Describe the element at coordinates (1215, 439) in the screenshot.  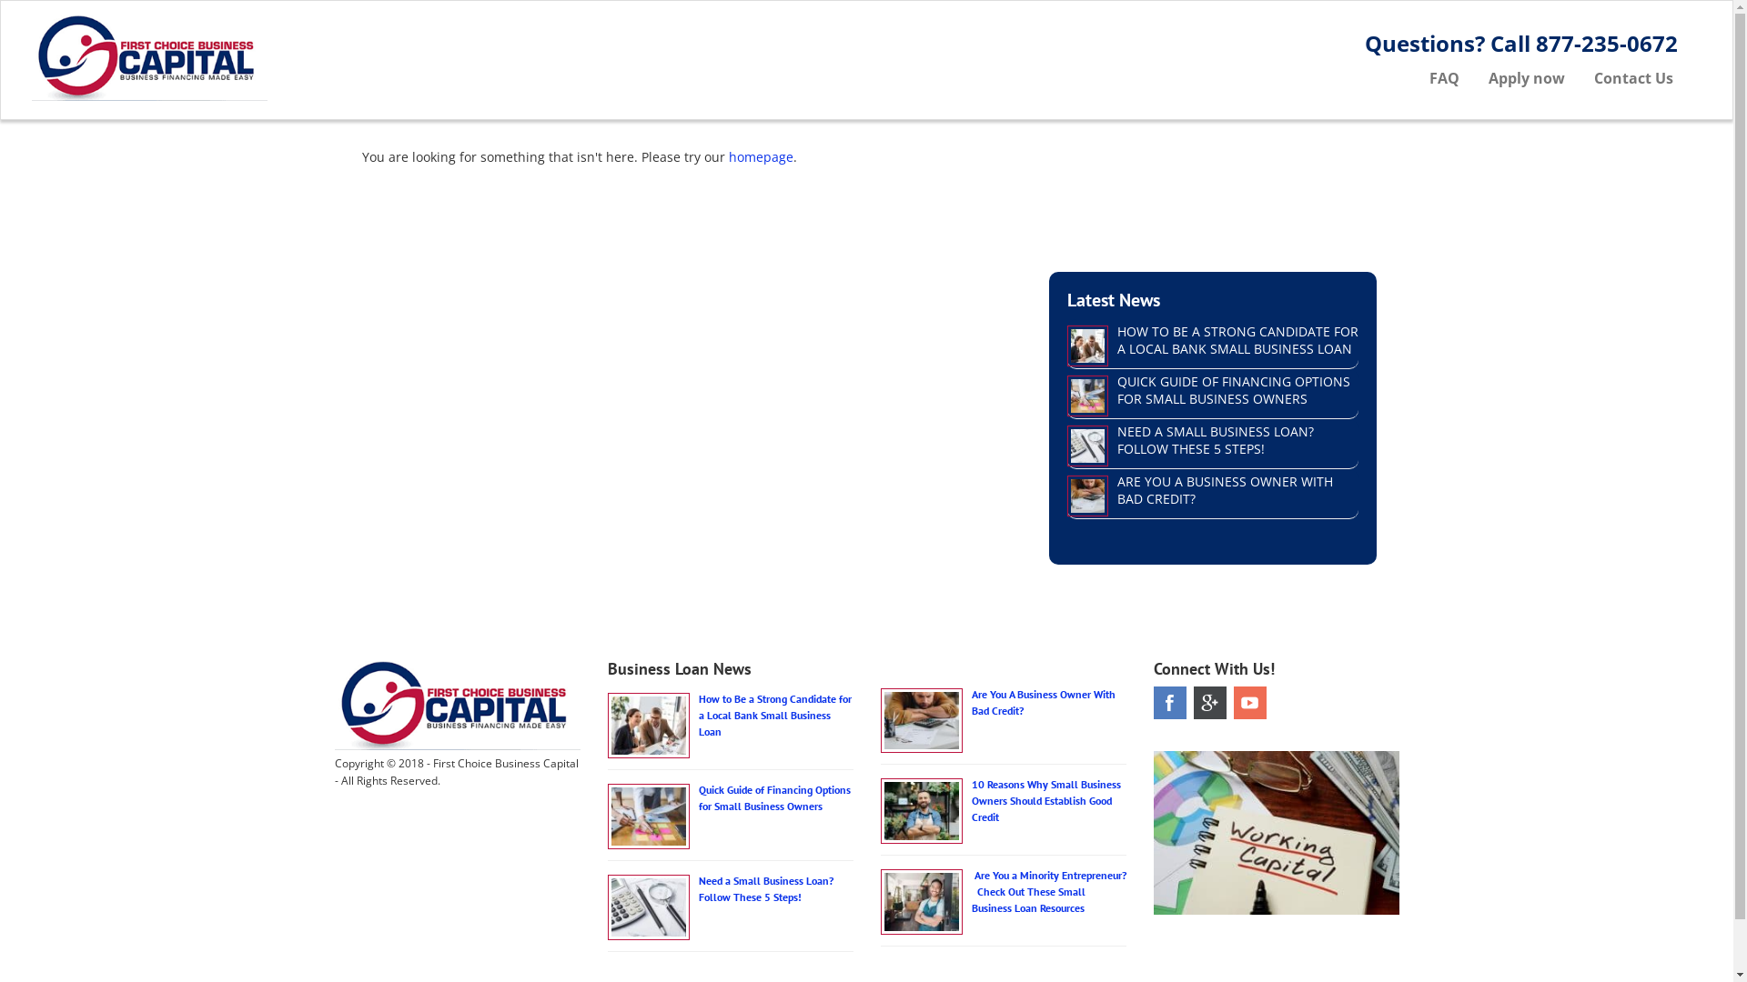
I see `'NEED A SMALL BUSINESS LOAN? FOLLOW THESE 5 STEPS!'` at that location.